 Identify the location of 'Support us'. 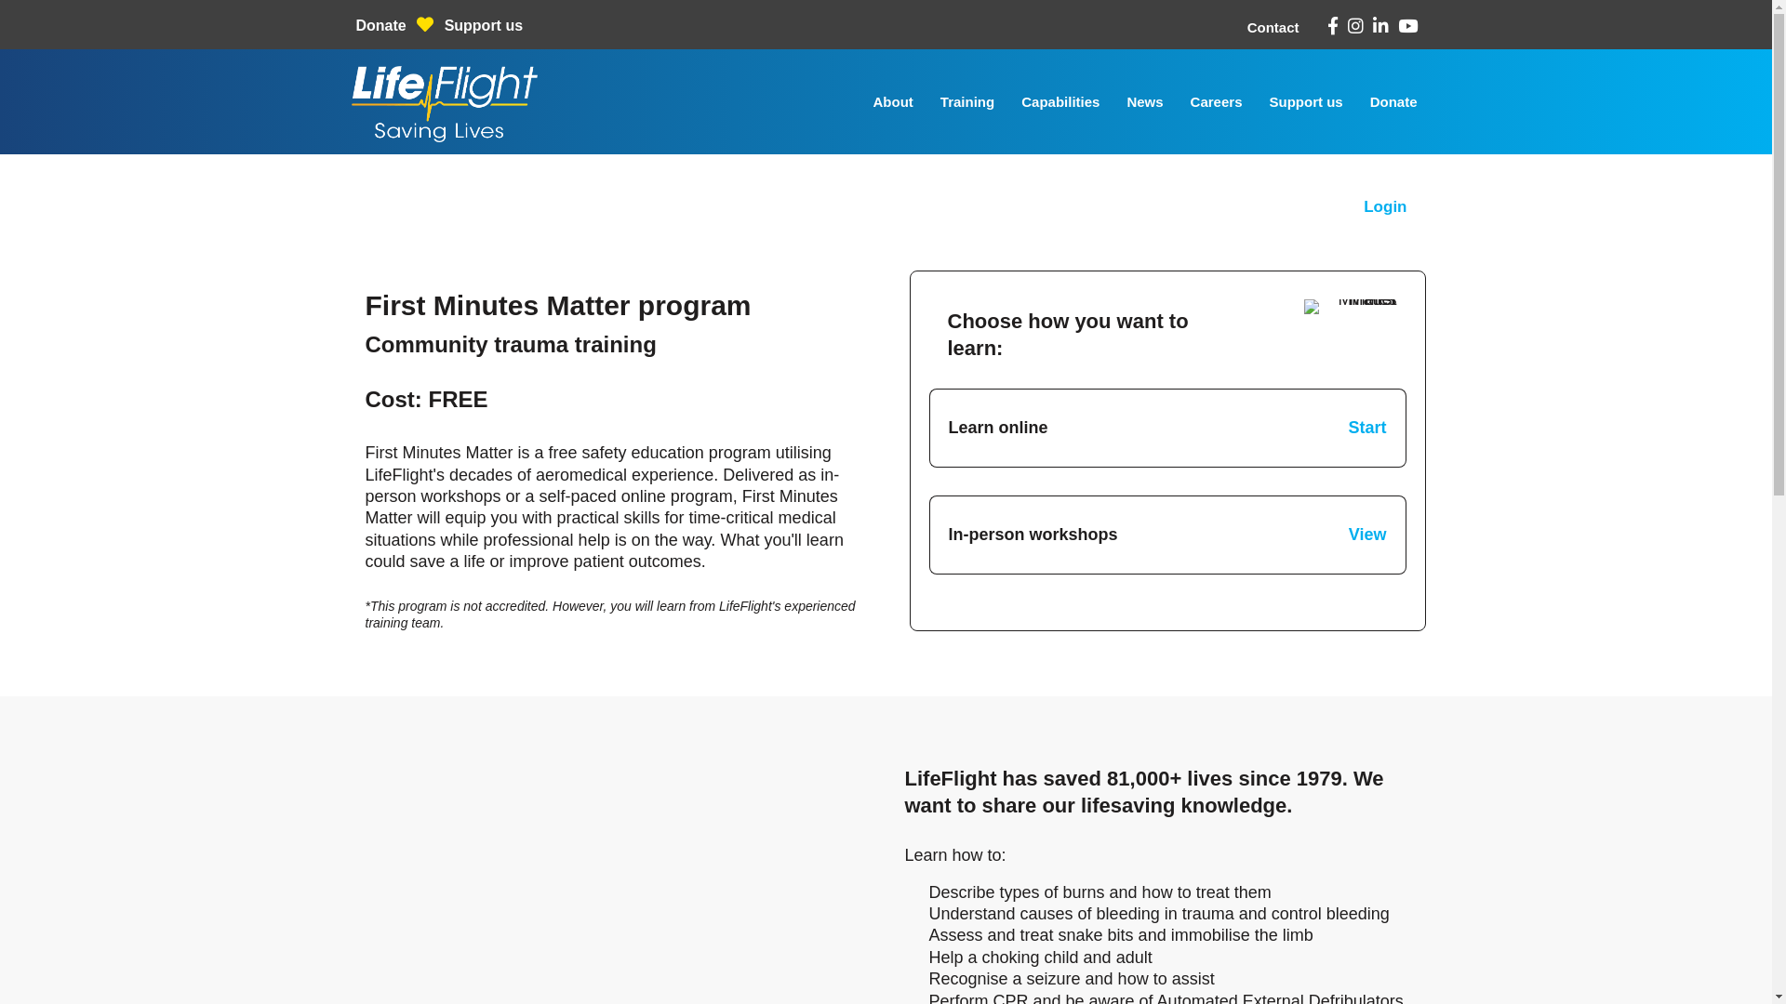
(1304, 101).